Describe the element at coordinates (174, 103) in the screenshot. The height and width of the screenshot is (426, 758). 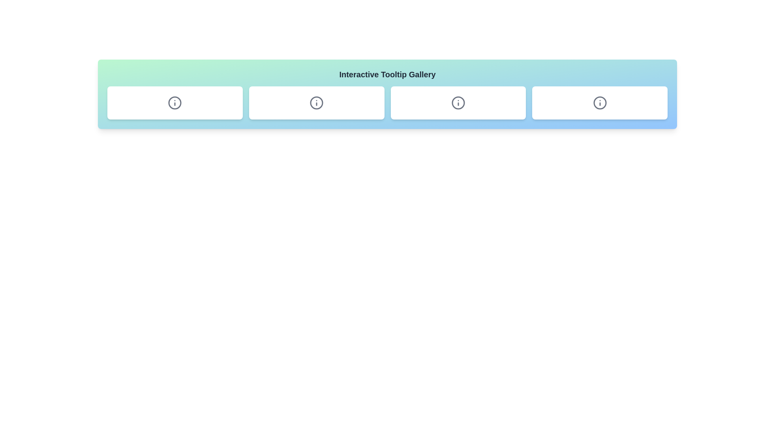
I see `the button that represents 'Gallery 1', located in the top-left corner of the grid layout` at that location.